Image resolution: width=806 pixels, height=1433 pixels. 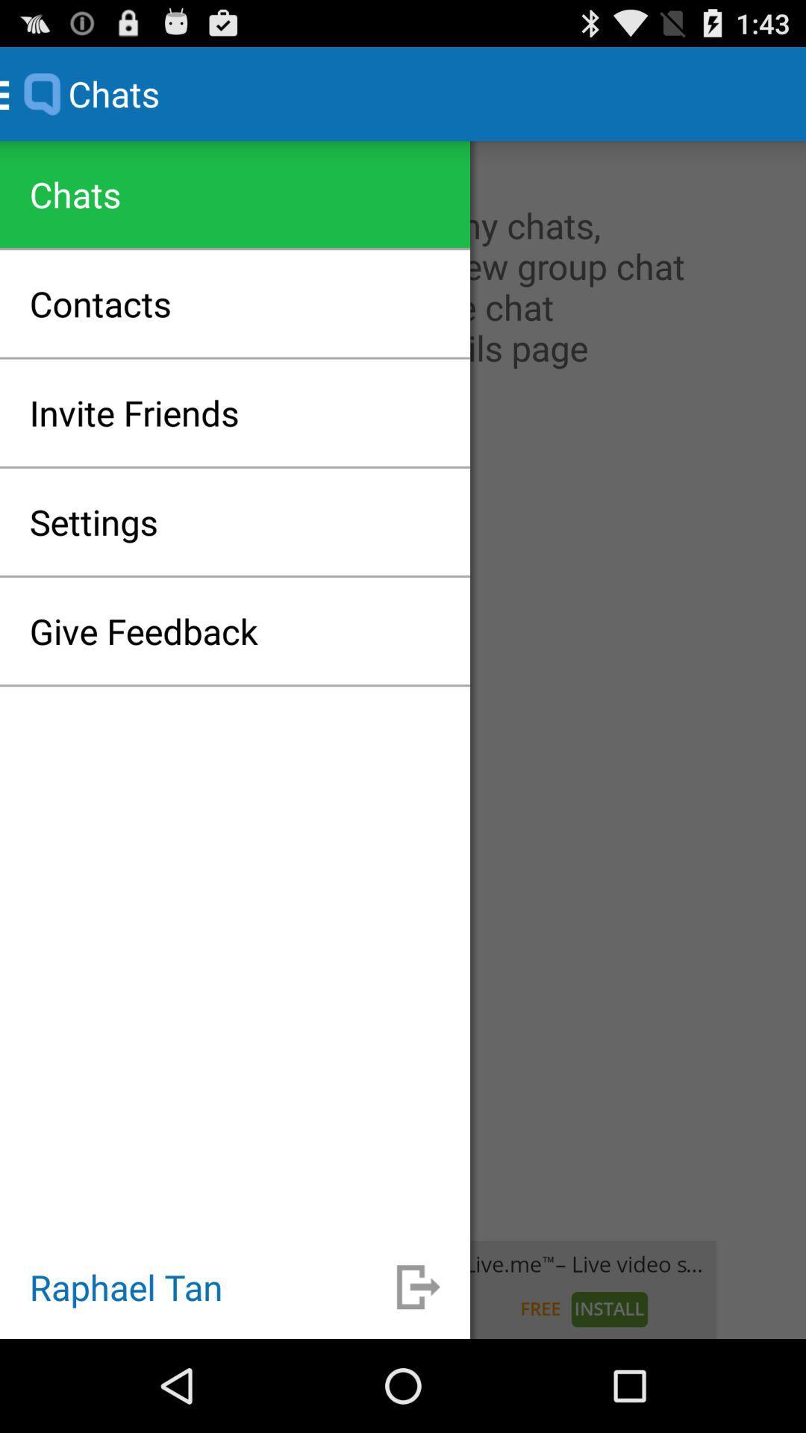 I want to click on minimize menu, so click(x=418, y=1286).